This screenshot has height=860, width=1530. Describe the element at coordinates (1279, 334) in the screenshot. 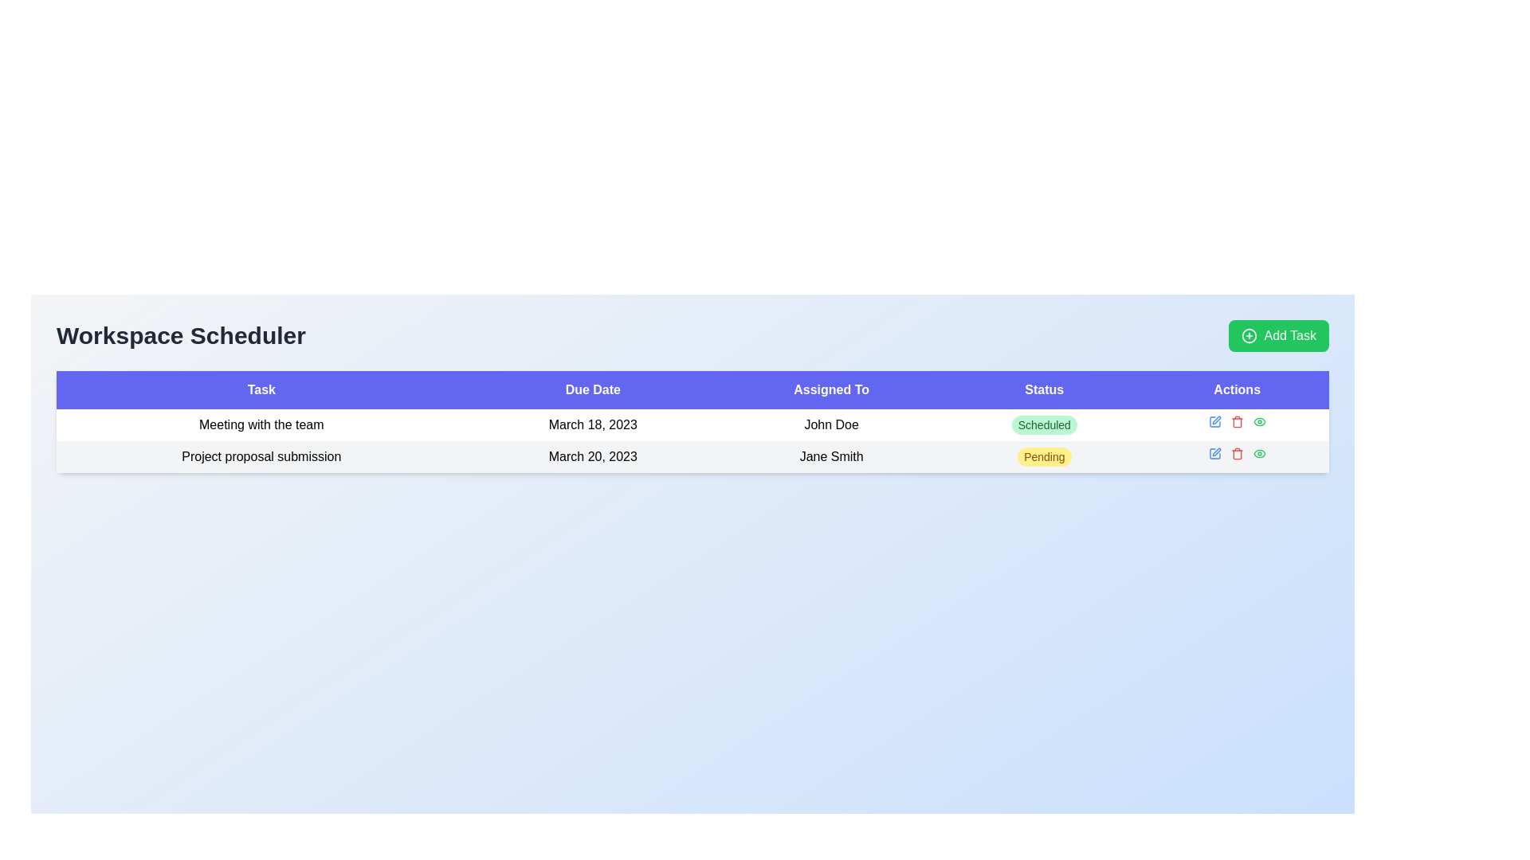

I see `the vibrant green 'Add Task' button located in the top-right corner of the 'Workspace Scheduler' section` at that location.